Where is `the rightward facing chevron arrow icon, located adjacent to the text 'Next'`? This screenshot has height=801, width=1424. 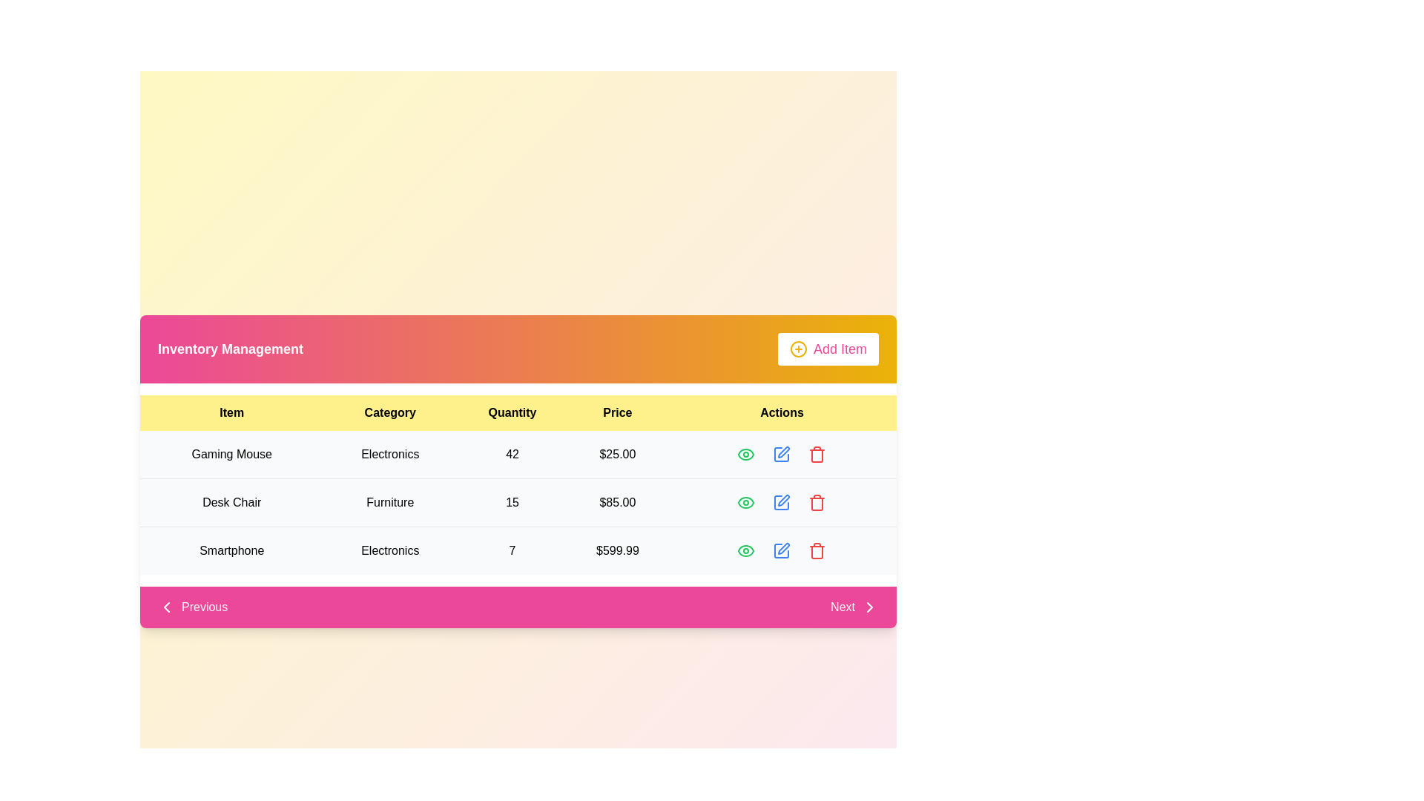
the rightward facing chevron arrow icon, located adjacent to the text 'Next' is located at coordinates (869, 607).